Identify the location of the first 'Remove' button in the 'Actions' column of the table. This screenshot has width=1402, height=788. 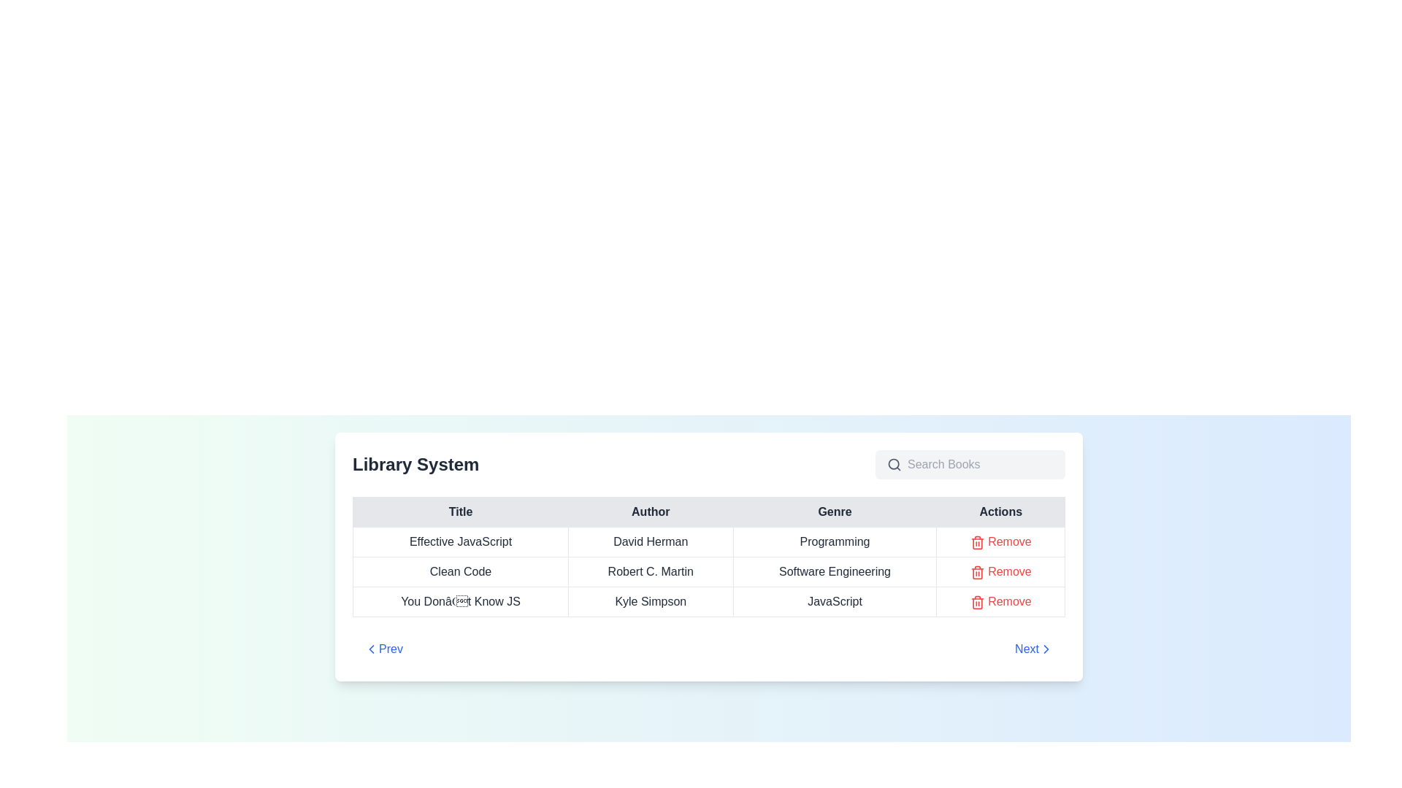
(1000, 542).